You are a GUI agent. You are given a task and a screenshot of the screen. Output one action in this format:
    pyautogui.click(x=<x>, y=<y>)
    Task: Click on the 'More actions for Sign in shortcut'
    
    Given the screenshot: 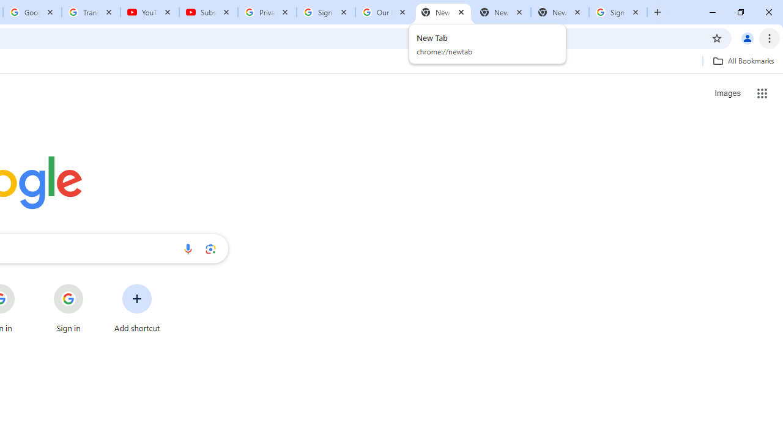 What is the action you would take?
    pyautogui.click(x=92, y=285)
    